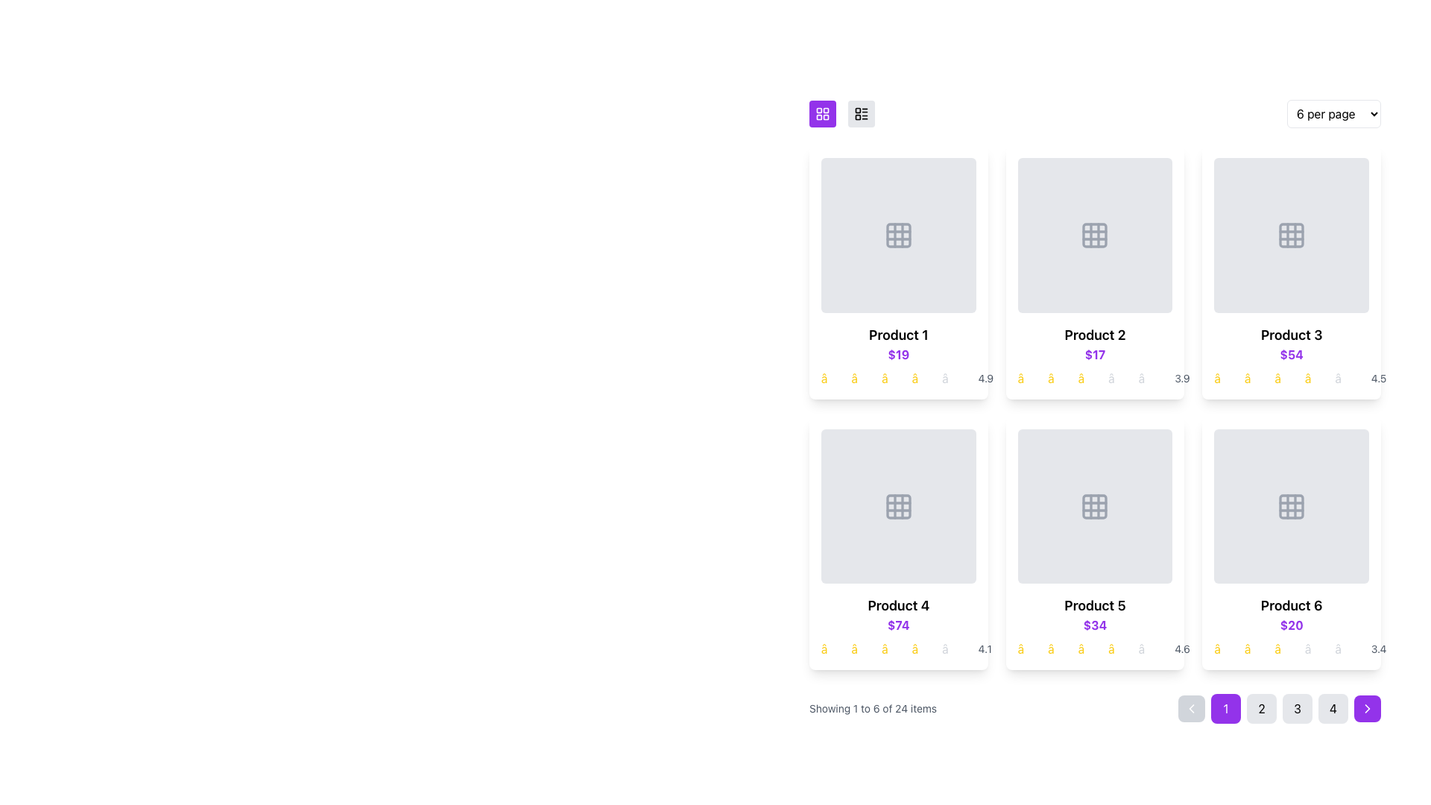  What do you see at coordinates (897, 235) in the screenshot?
I see `the Placeholder icon, which is a grid-like icon consisting of a 3x3 arrangement of small squares in light gray color, located in the top-left corner of the first product card under the view switcher section` at bounding box center [897, 235].